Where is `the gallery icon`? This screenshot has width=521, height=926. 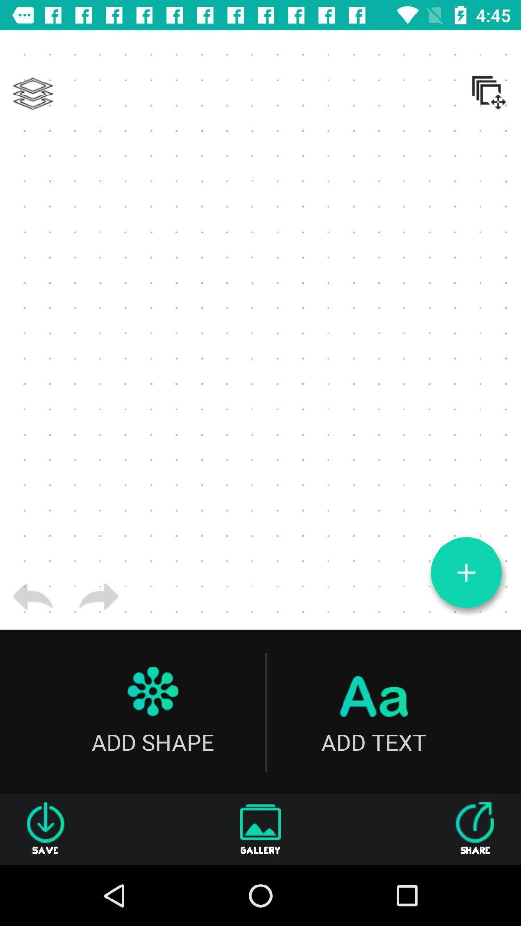
the gallery icon is located at coordinates (260, 829).